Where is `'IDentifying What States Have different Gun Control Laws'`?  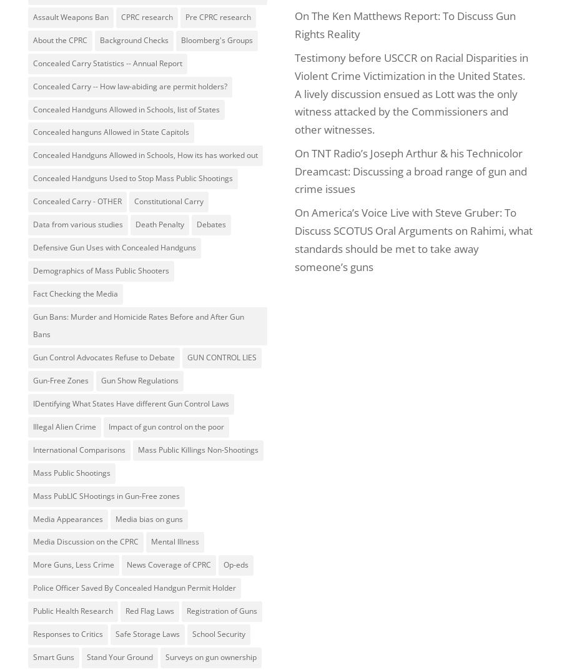 'IDentifying What States Have different Gun Control Laws' is located at coordinates (131, 403).